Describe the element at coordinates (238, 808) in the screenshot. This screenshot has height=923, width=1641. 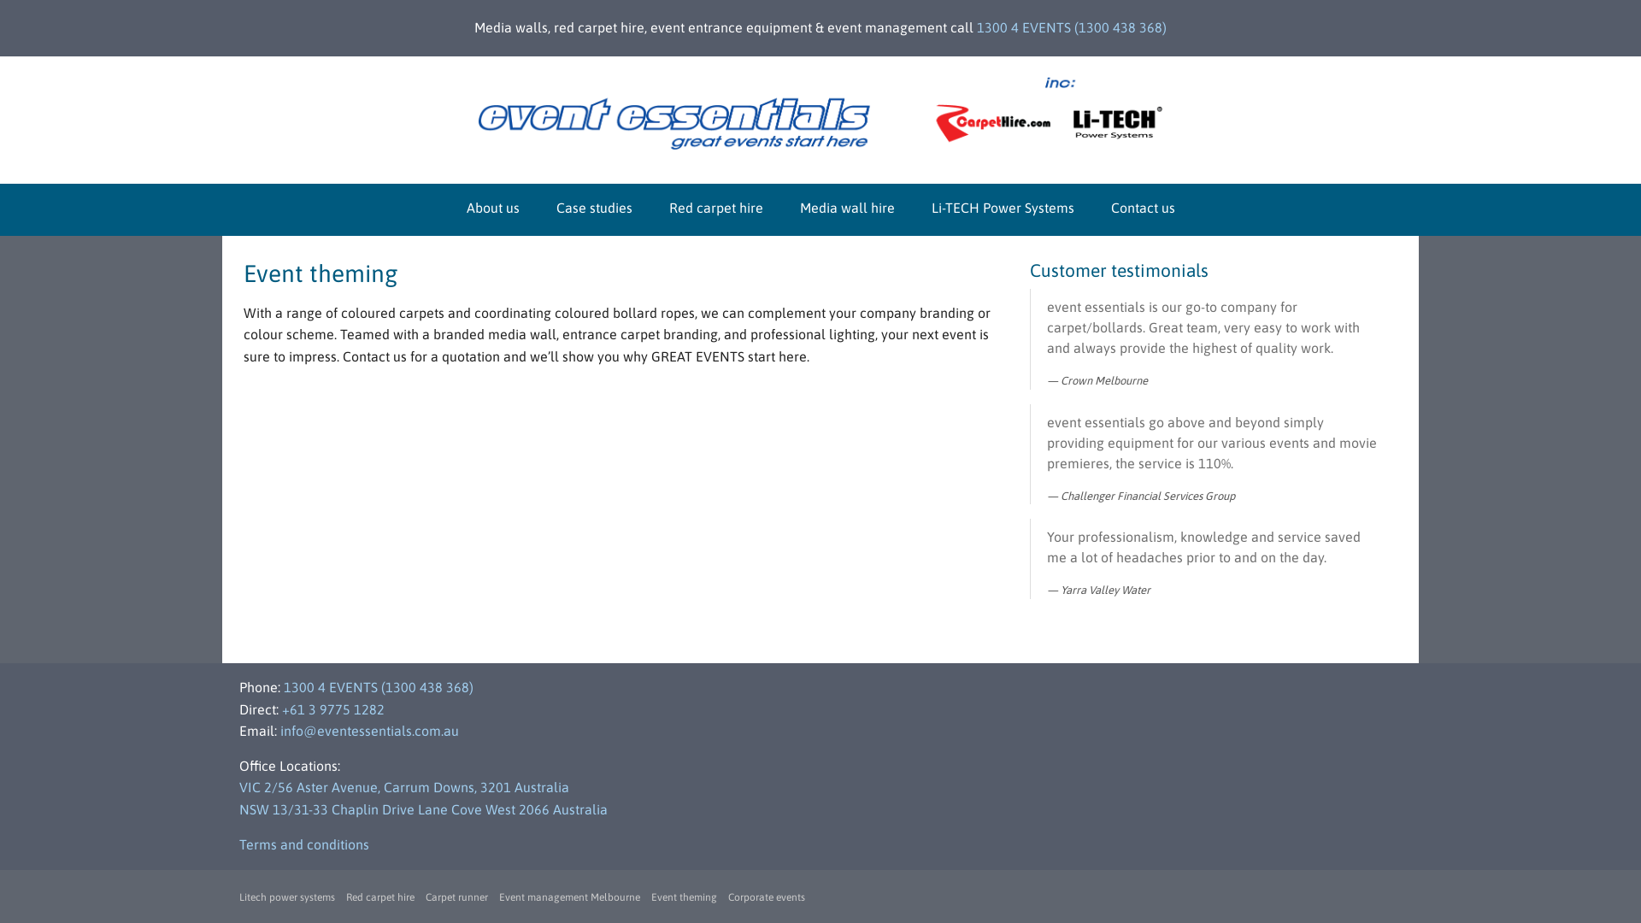
I see `'NSW 13/31-33 Chaplin Drive Lane Cove West 2066 Australia'` at that location.